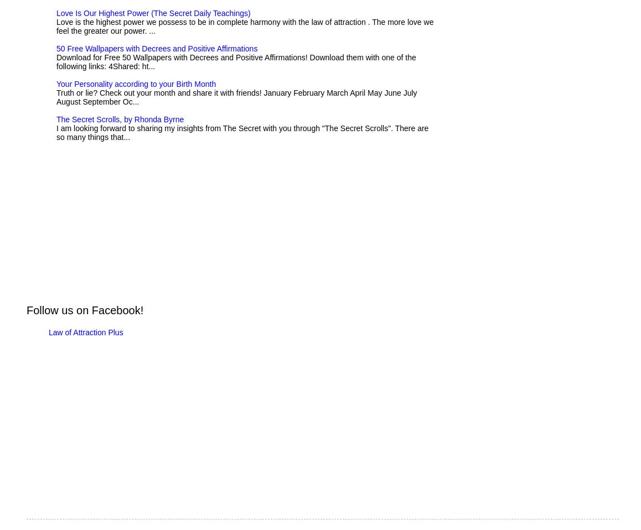  I want to click on 'Your Personality according to your Birth Month', so click(135, 84).